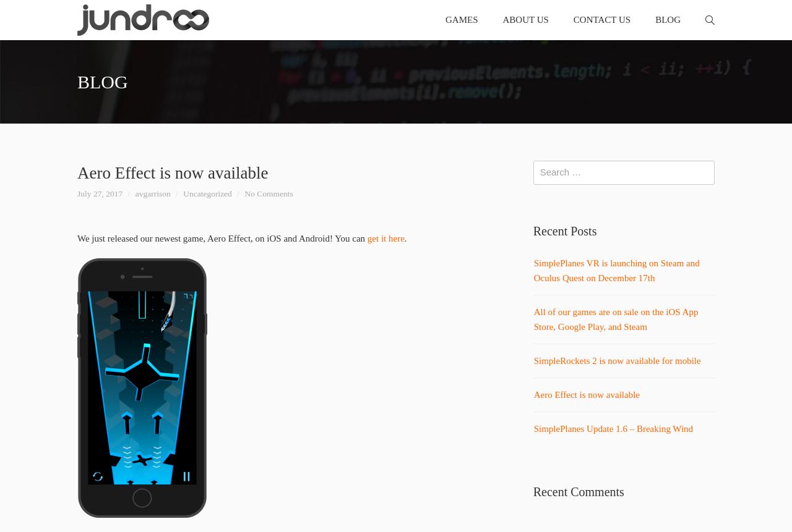 The image size is (792, 532). I want to click on 'get it here', so click(384, 238).